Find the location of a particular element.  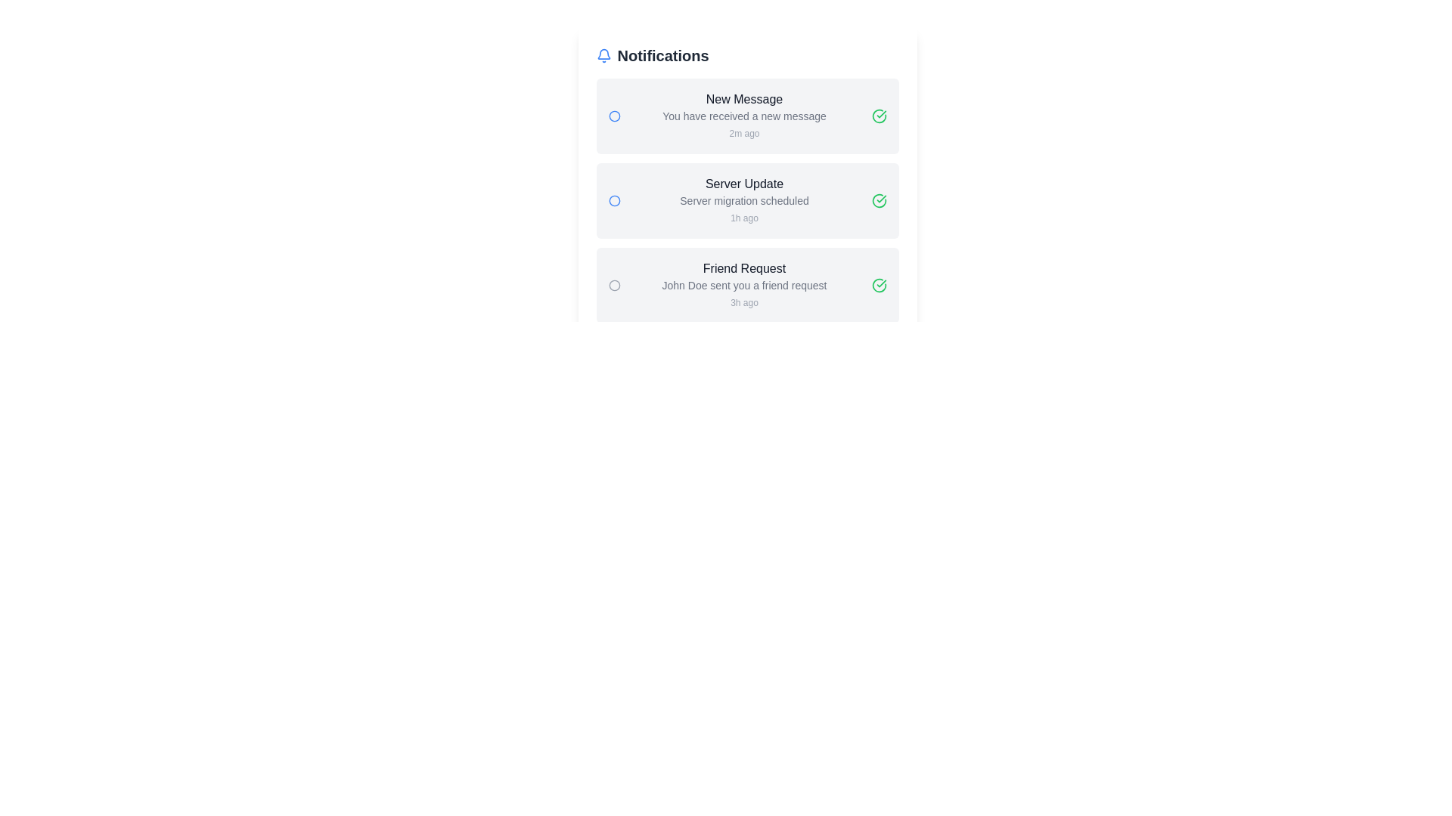

the green circular badge icon with a checkmark inside, located in the second notification block to the far right of the text content is located at coordinates (879, 116).